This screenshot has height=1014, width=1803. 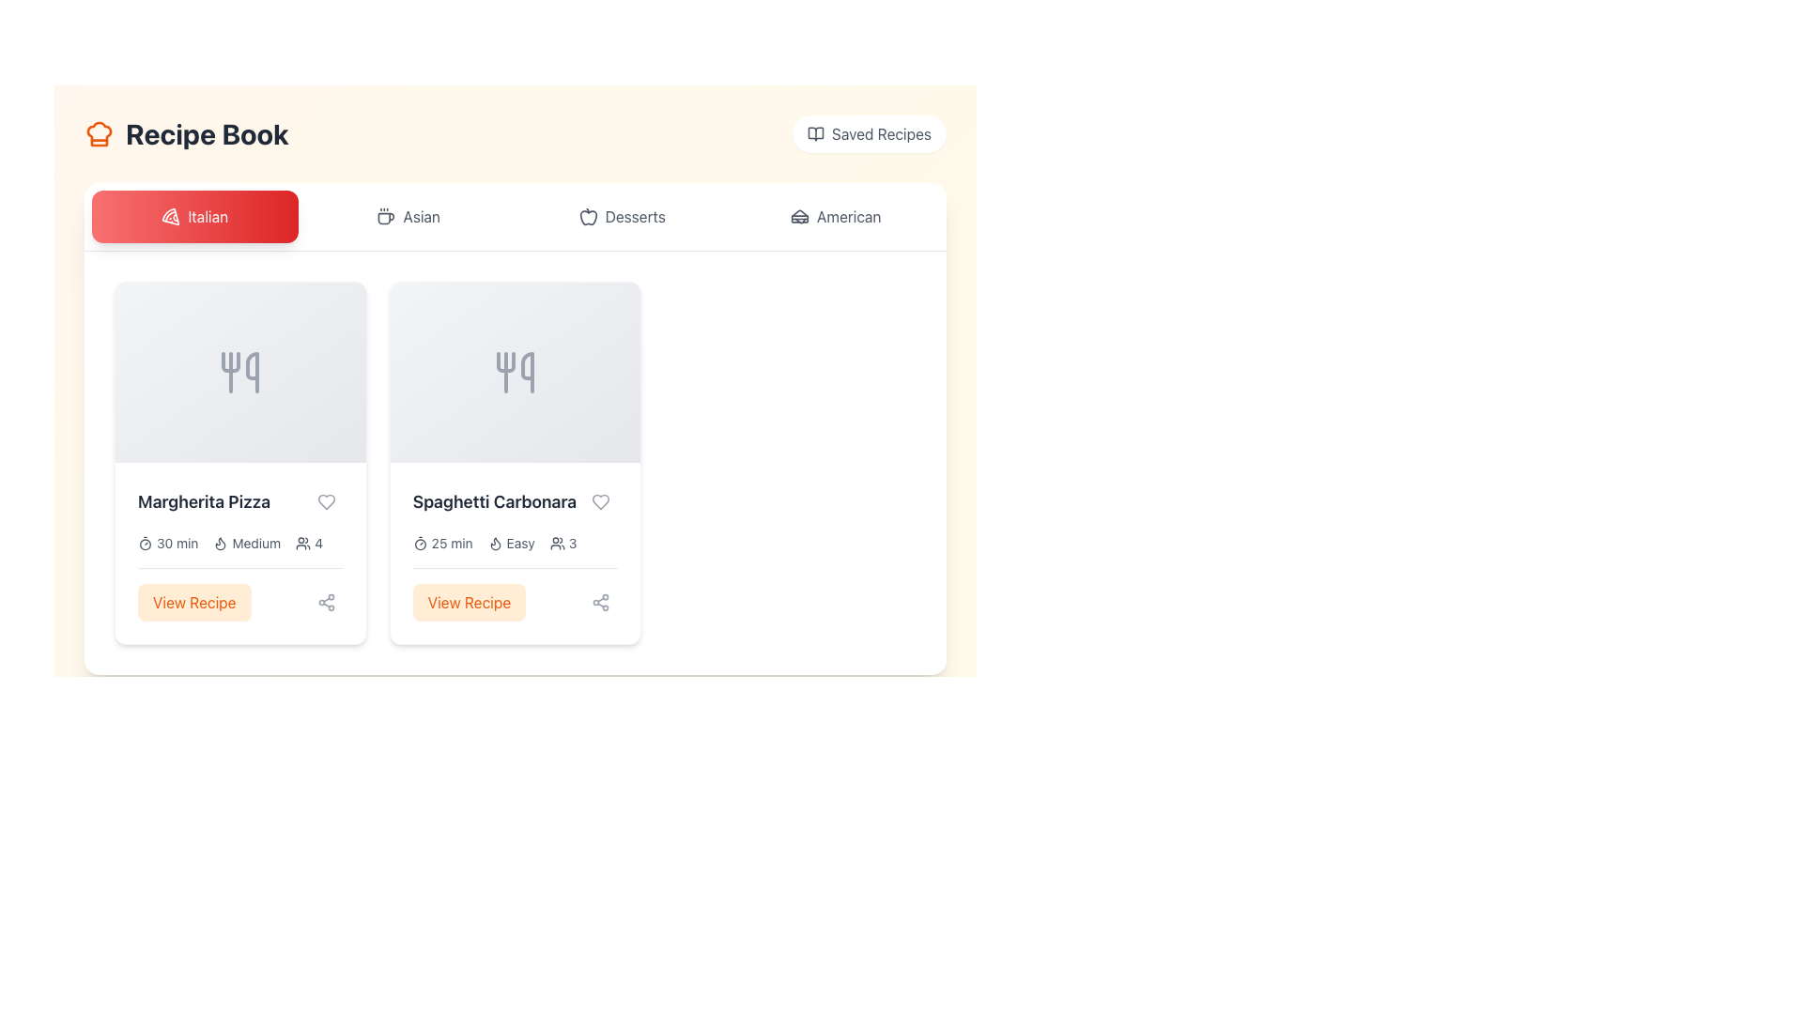 I want to click on the text label displaying 'Spaghetti Carbonara' in bold, large font located in the recipe card under the Italian section, so click(x=494, y=501).